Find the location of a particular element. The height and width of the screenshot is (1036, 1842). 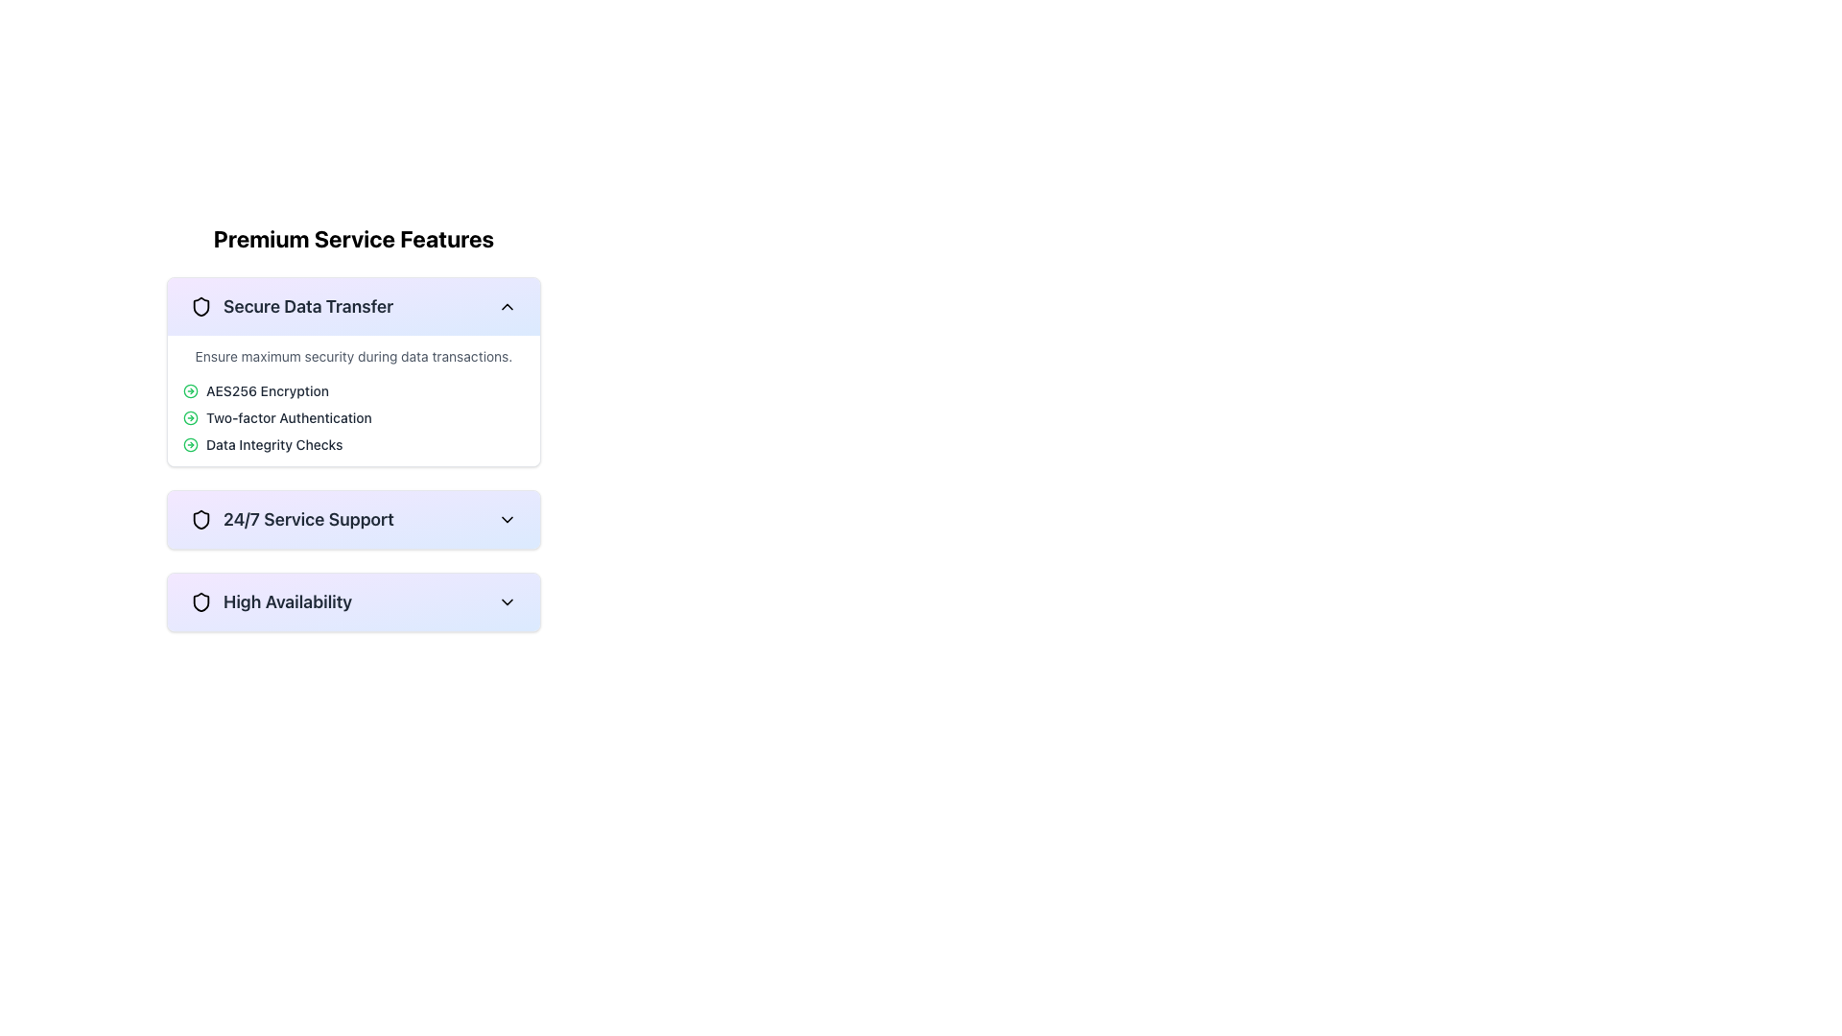

the Collapsible section header labeled 'High Availability' is located at coordinates (354, 601).